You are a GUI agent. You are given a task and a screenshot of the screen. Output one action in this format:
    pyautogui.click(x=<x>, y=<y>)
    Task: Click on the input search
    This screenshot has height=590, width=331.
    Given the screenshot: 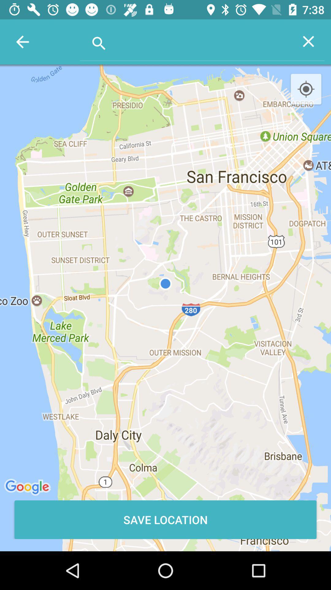 What is the action you would take?
    pyautogui.click(x=186, y=41)
    